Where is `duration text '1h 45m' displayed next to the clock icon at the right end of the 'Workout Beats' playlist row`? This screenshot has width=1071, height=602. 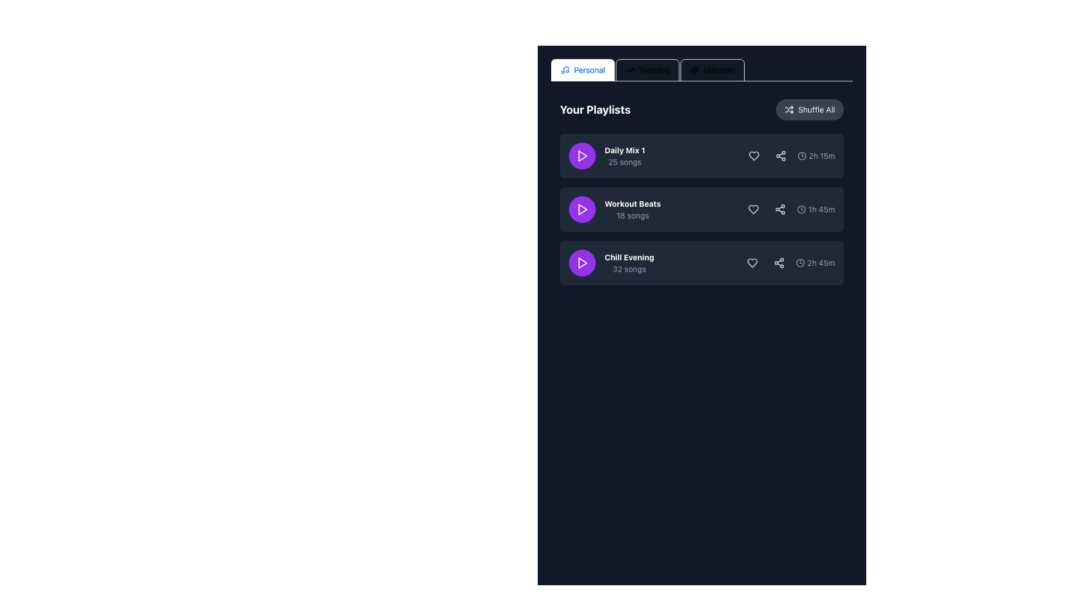
duration text '1h 45m' displayed next to the clock icon at the right end of the 'Workout Beats' playlist row is located at coordinates (789, 209).